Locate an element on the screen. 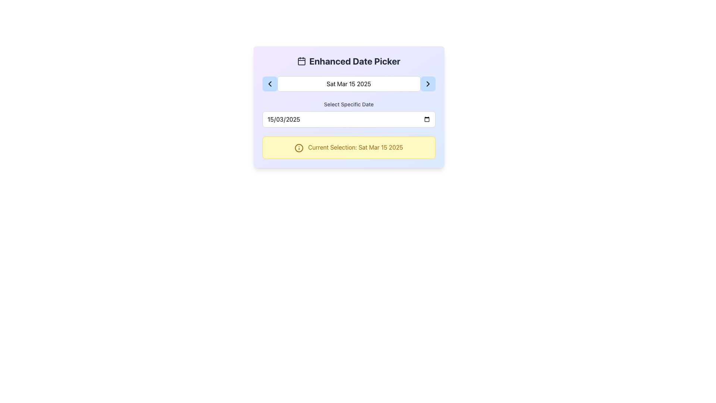 The width and height of the screenshot is (716, 403). the outermost circle of the information icon located near the left side of the yellow notification bar, adjacent to the text 'Current Selection: Sat Mar 15 2025' is located at coordinates (299, 148).